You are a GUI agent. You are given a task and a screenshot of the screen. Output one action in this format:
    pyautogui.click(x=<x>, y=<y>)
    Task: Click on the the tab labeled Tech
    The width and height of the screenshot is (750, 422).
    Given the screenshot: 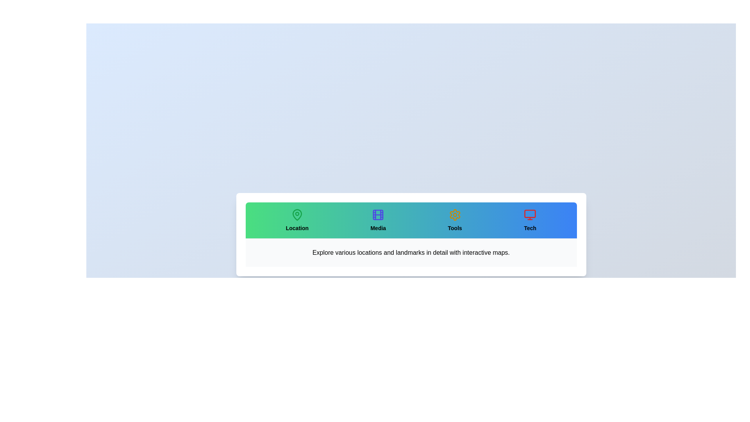 What is the action you would take?
    pyautogui.click(x=530, y=220)
    